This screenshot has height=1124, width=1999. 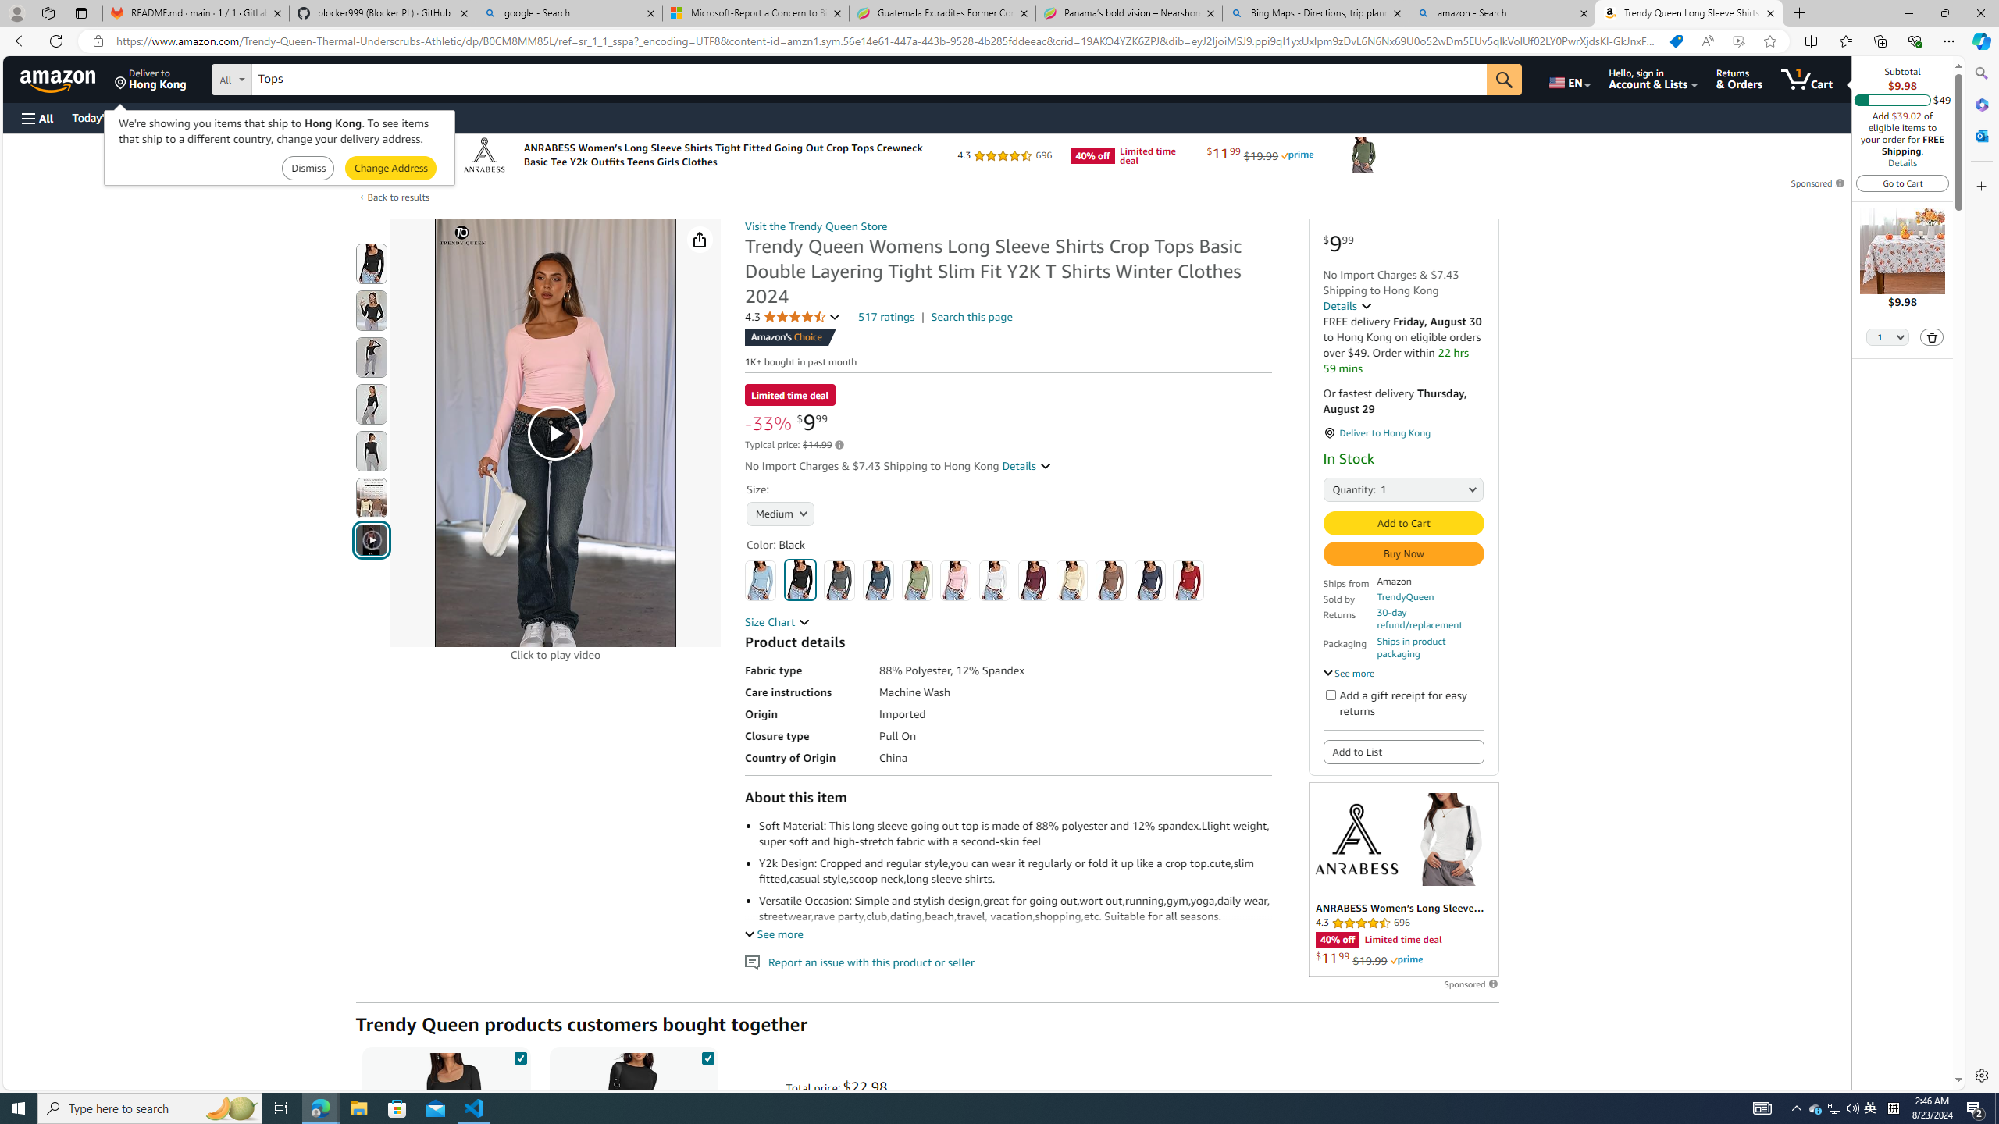 I want to click on 'Apricot', so click(x=1072, y=579).